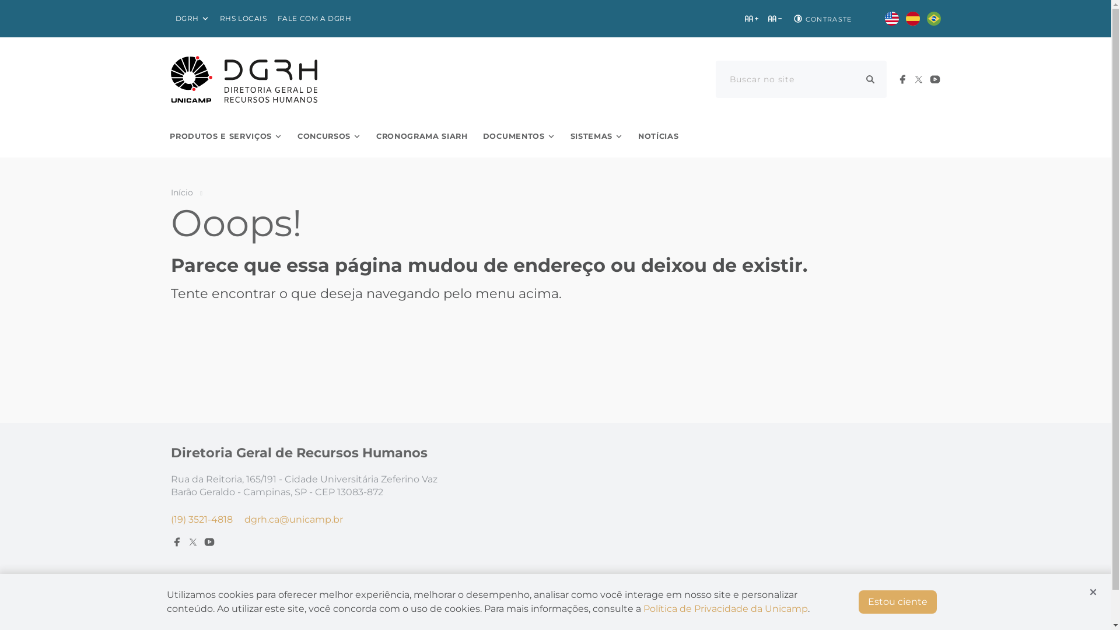 This screenshot has width=1120, height=630. What do you see at coordinates (421, 136) in the screenshot?
I see `'CRONOGRAMA SIARH'` at bounding box center [421, 136].